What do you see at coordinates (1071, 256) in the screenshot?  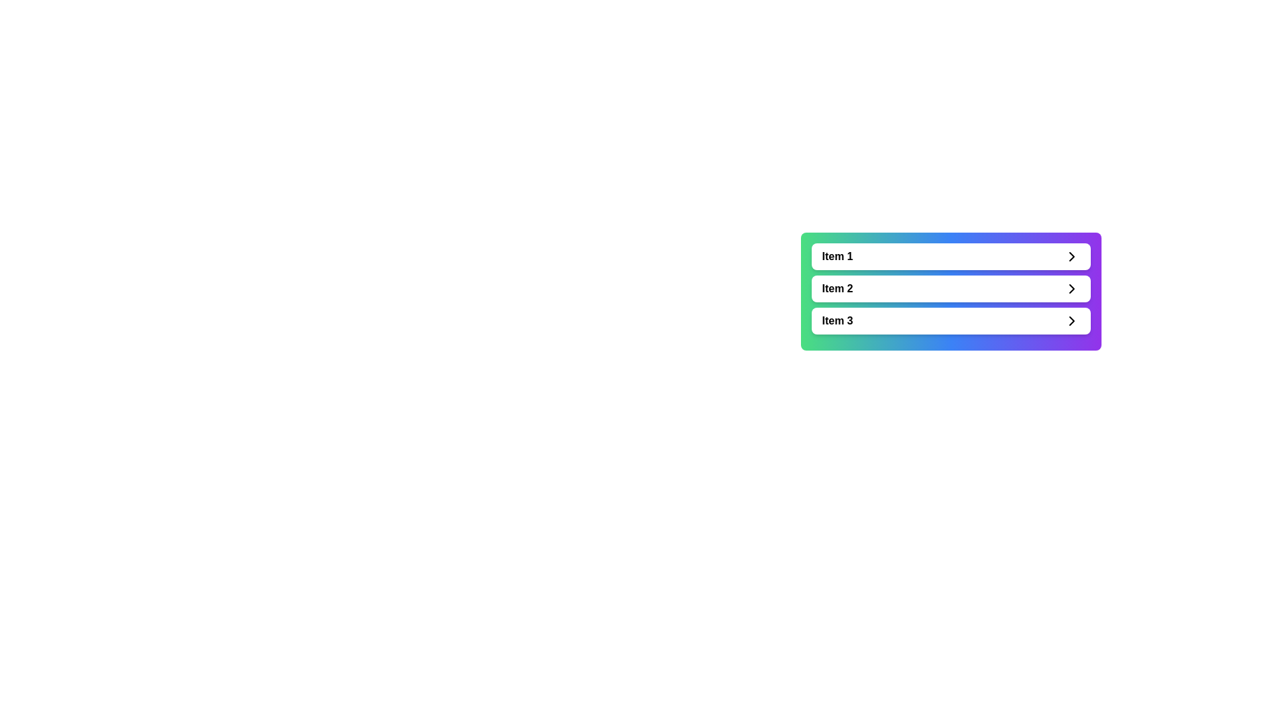 I see `the chevron icon to the right of 'Item 1'` at bounding box center [1071, 256].